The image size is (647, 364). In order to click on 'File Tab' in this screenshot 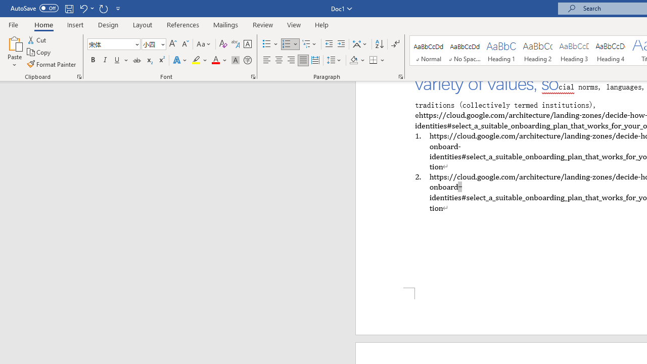, I will do `click(13, 24)`.